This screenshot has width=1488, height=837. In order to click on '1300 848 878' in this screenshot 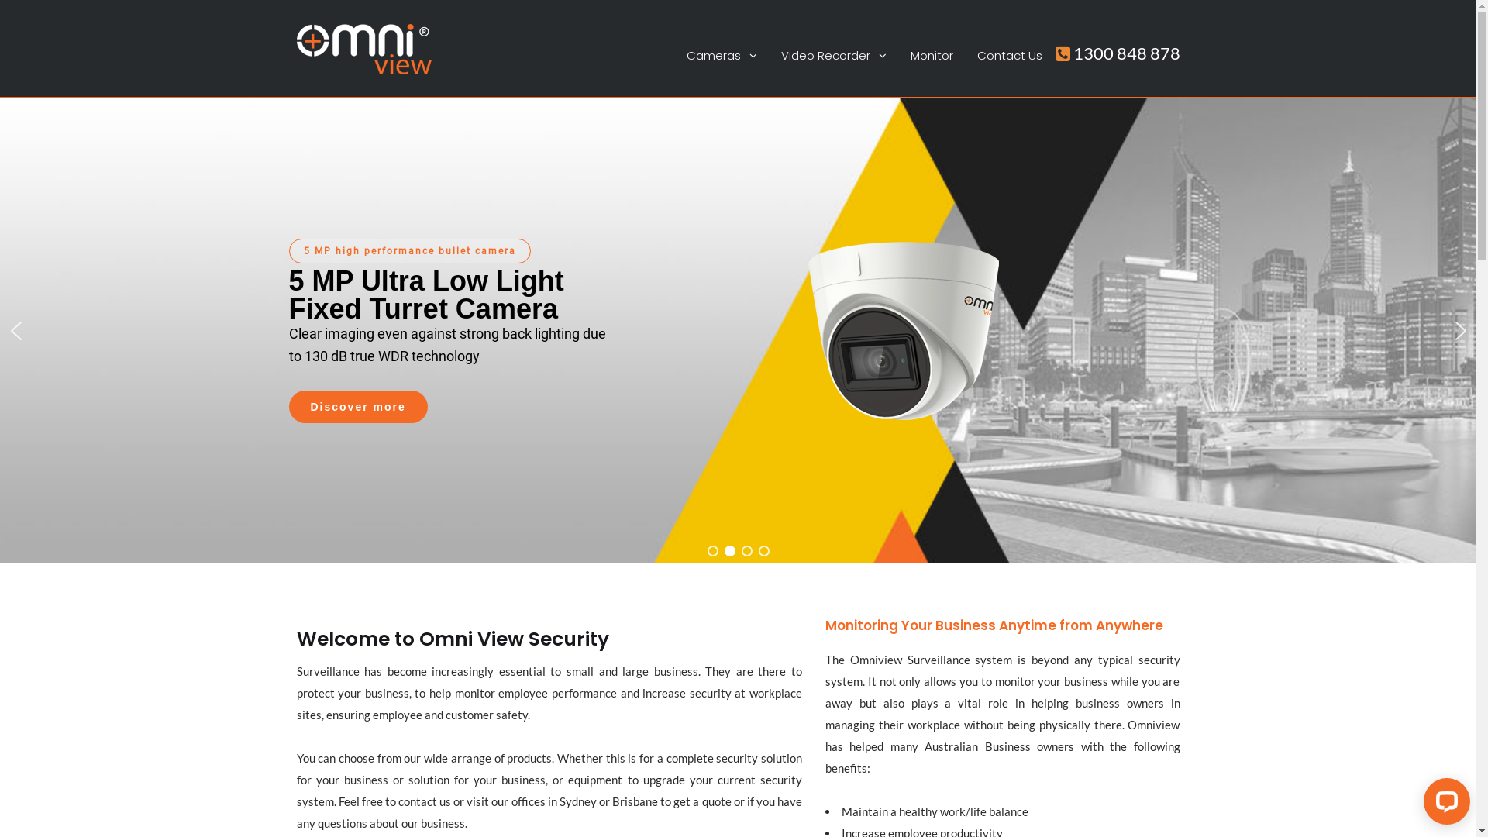, I will do `click(1118, 52)`.